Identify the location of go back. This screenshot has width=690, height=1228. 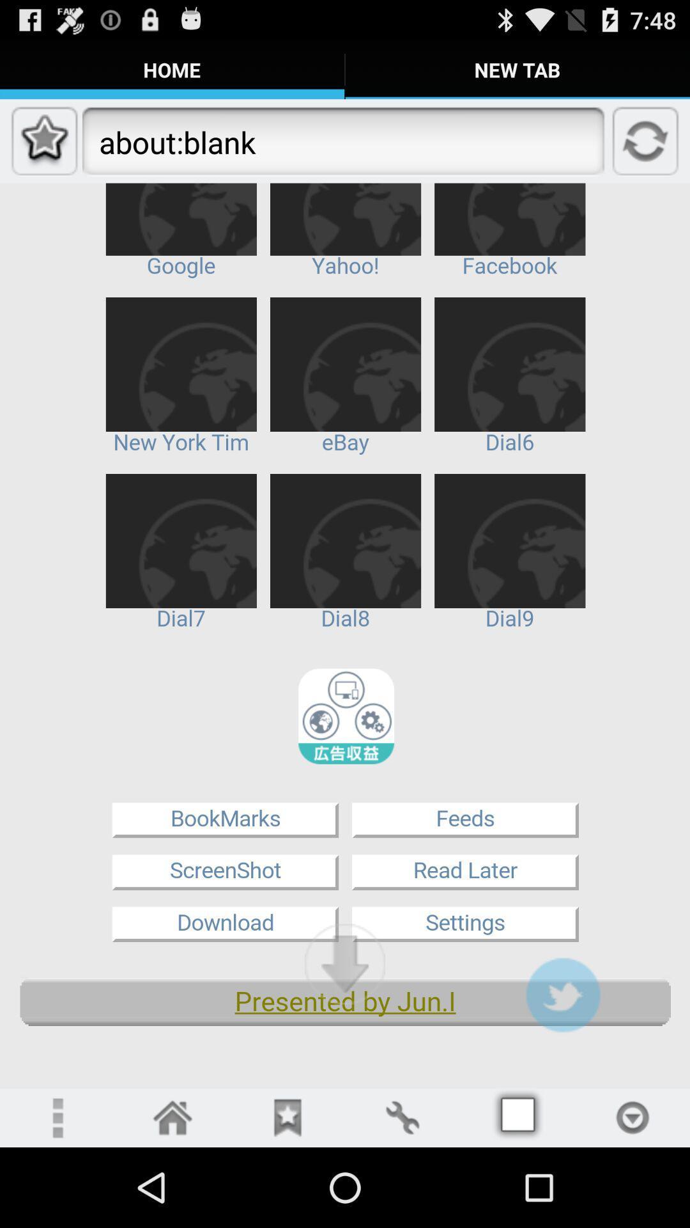
(172, 1117).